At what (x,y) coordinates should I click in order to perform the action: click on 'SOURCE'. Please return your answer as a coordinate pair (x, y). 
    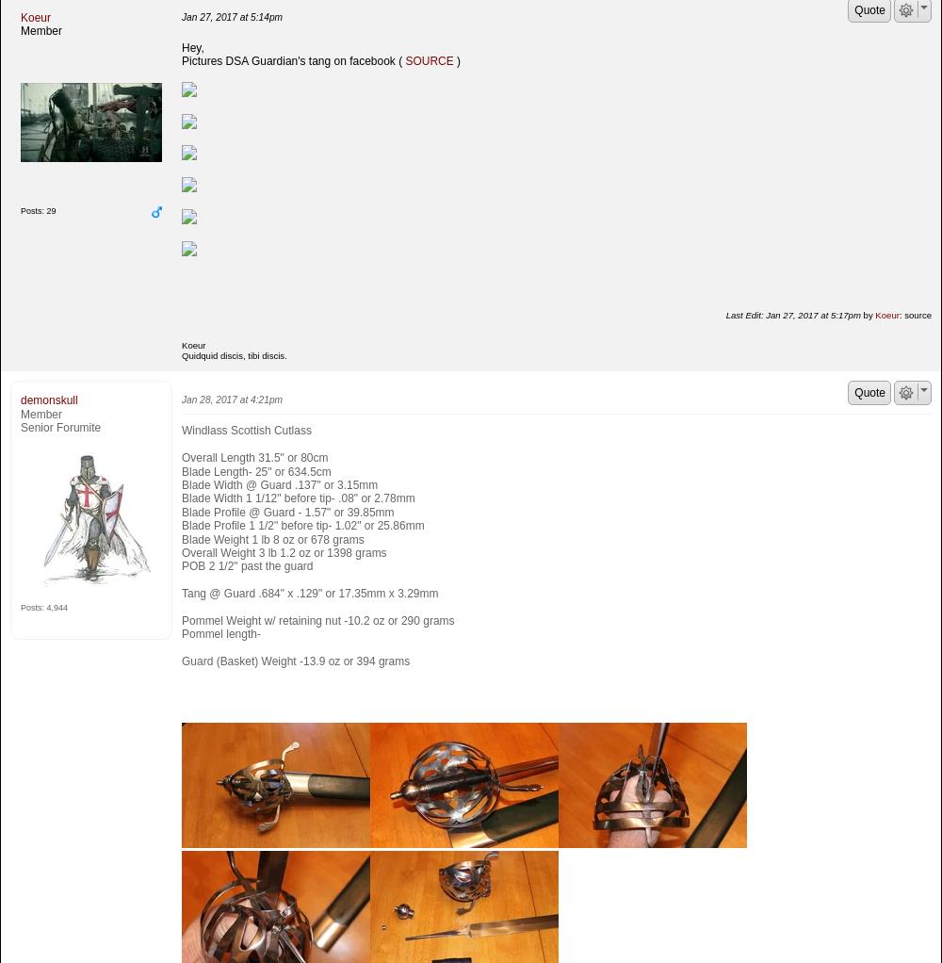
    Looking at the image, I should click on (428, 60).